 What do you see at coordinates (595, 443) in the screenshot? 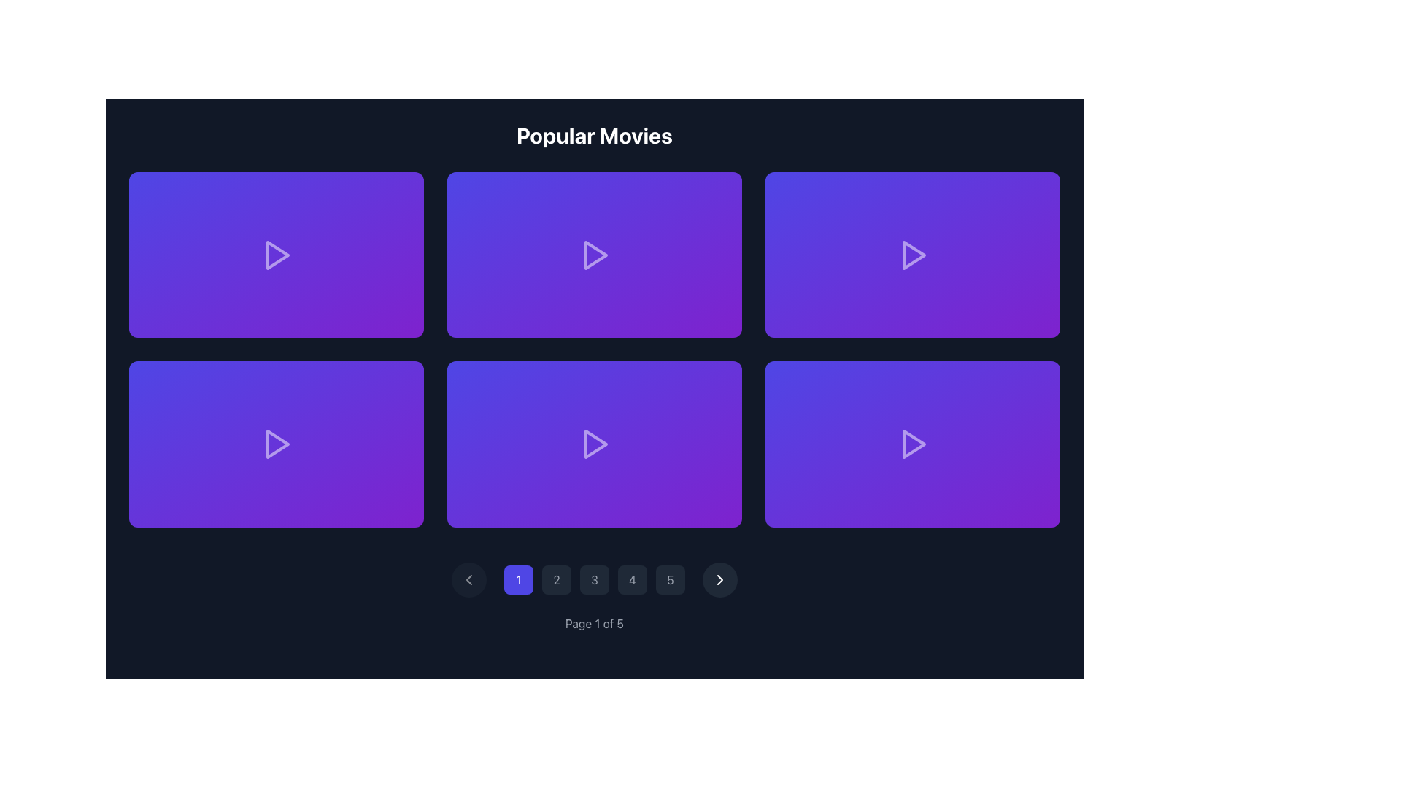
I see `the clickable media card with a rounded rectangular shape featuring a gradient background from indigo to purple and a white triangular play button icon at its center, located in the second row and second column of the grid` at bounding box center [595, 443].